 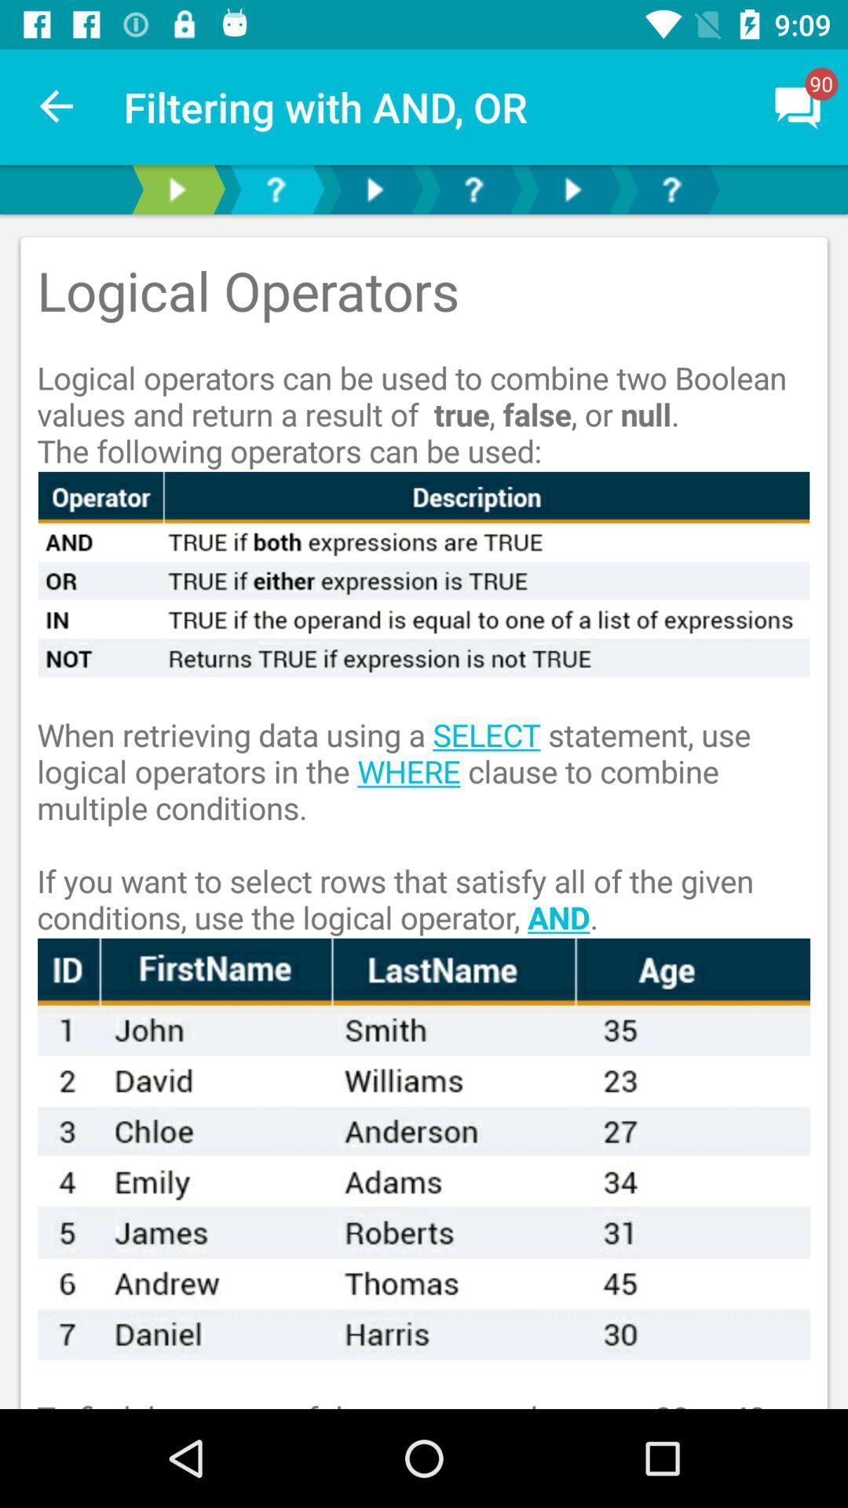 I want to click on the help icon, so click(x=275, y=188).